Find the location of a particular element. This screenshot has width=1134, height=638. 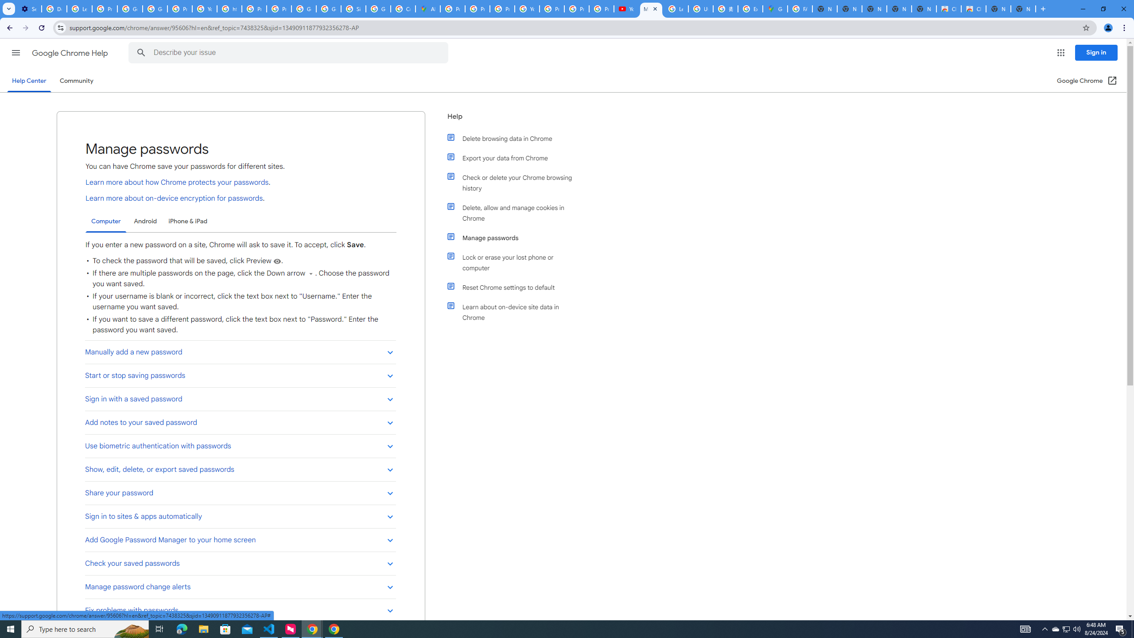

'Describe your issue' is located at coordinates (289, 52).